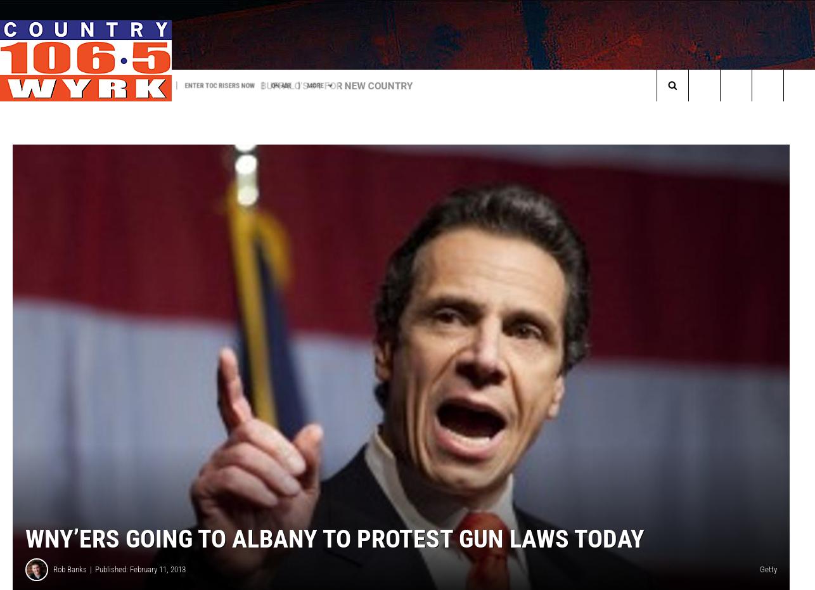  I want to click on 'Trending:', so click(30, 110).